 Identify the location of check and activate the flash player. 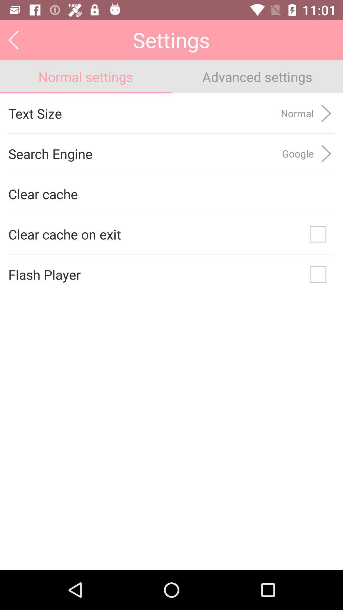
(318, 274).